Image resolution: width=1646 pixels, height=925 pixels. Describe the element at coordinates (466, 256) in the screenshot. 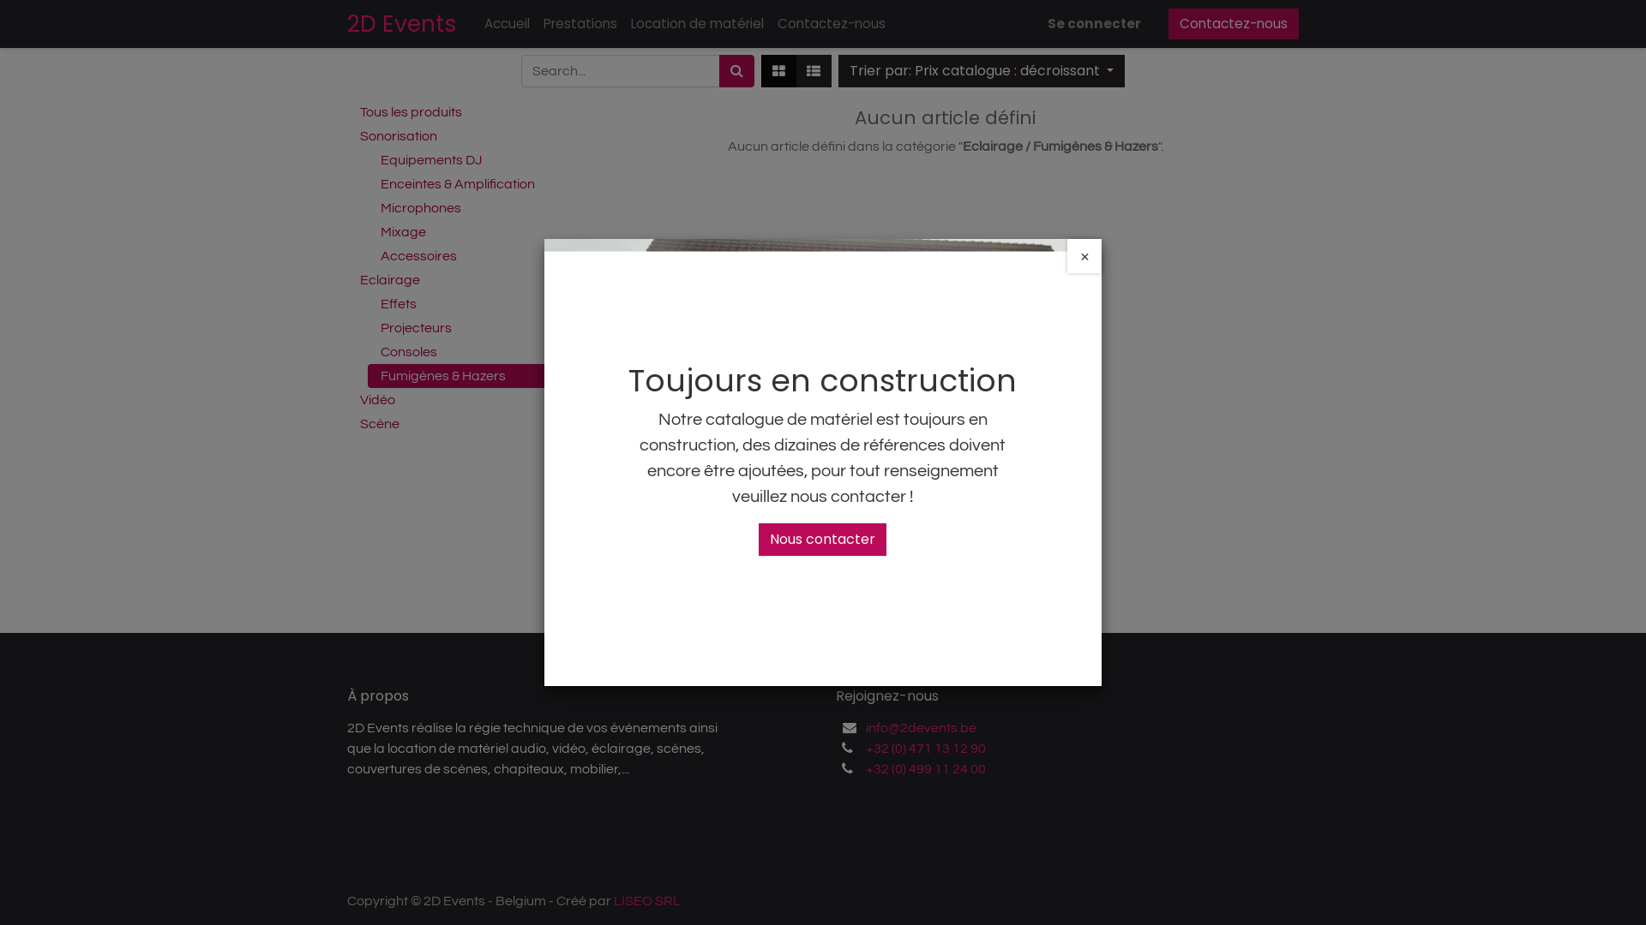

I see `'Accessoires'` at that location.